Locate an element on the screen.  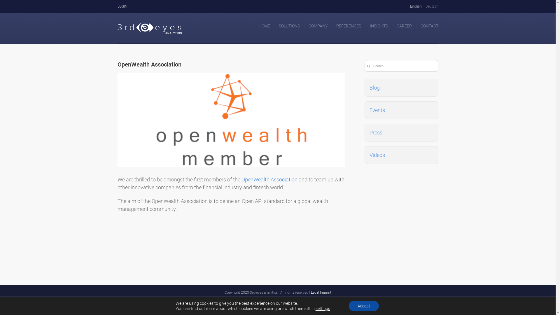
'Deutsch' is located at coordinates (421, 6).